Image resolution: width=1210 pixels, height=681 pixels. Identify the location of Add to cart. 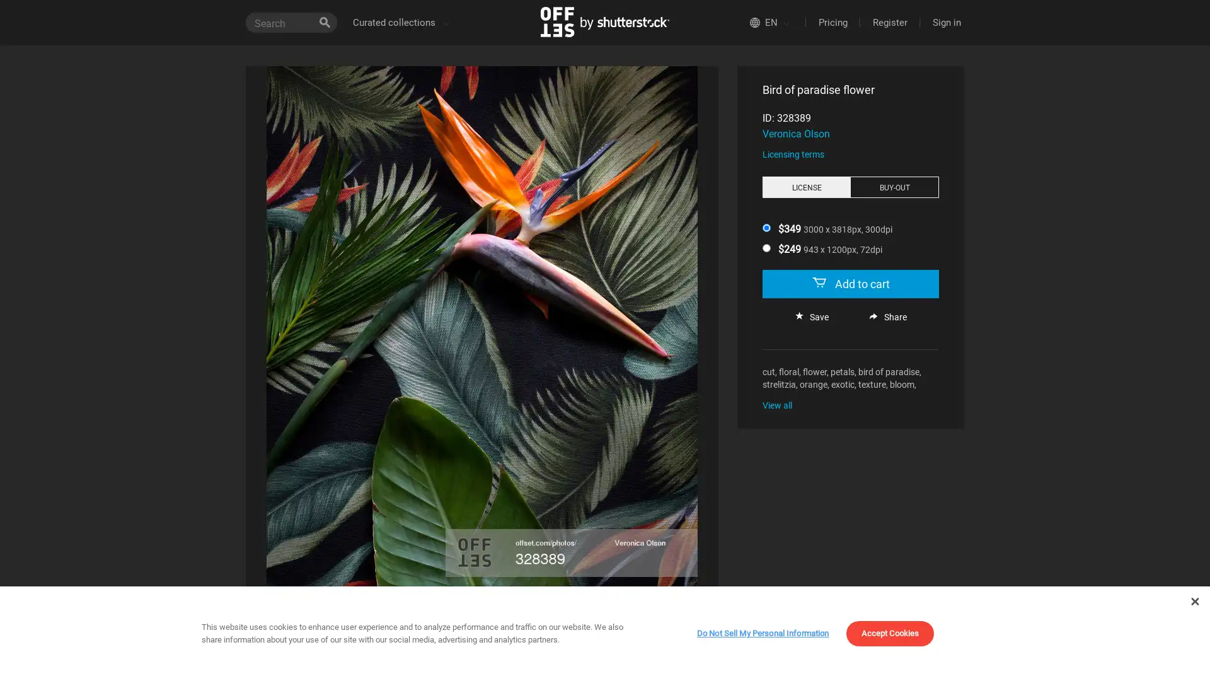
(850, 284).